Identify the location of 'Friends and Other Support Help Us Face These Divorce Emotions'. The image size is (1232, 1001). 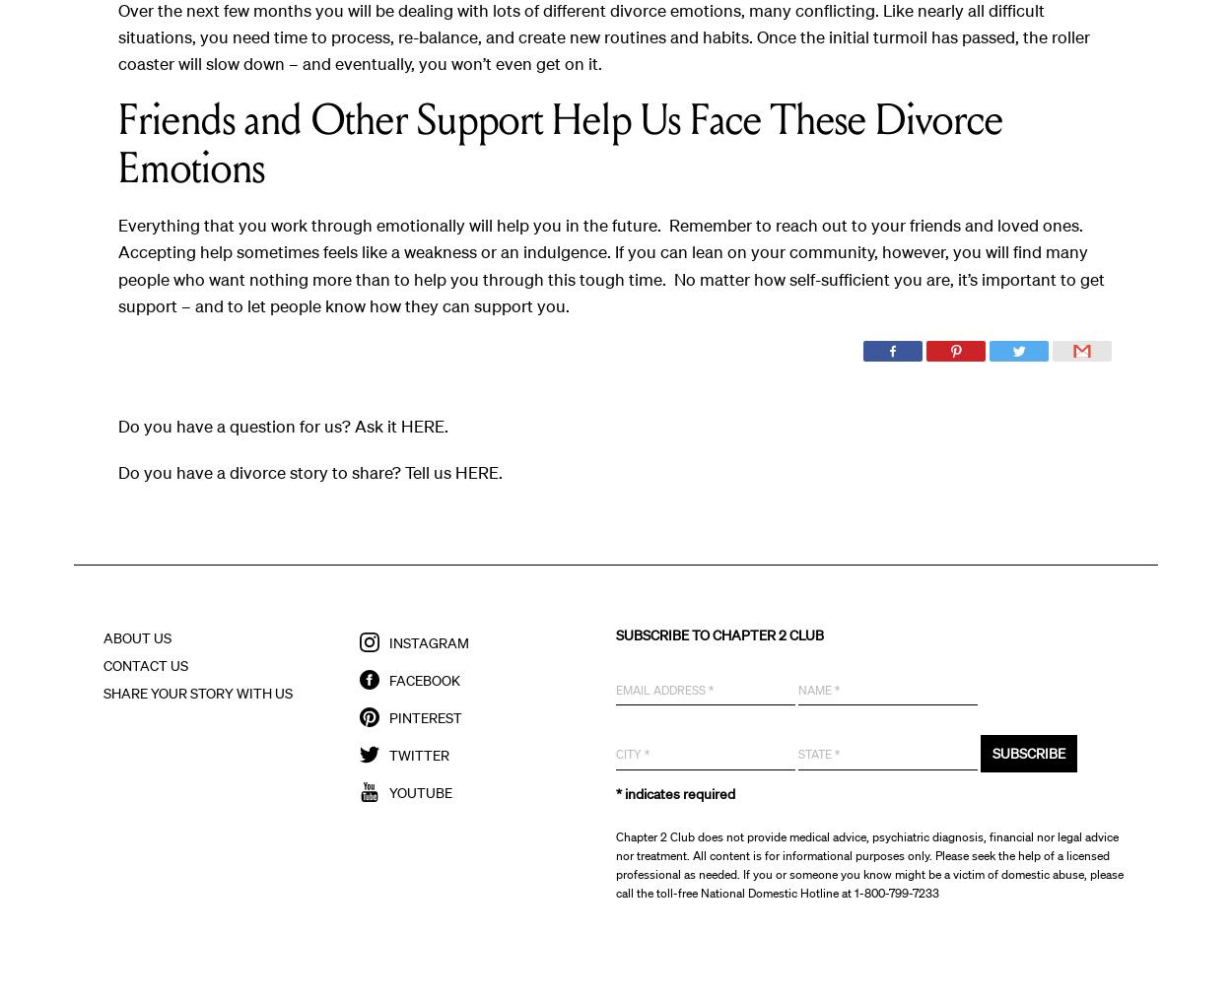
(560, 142).